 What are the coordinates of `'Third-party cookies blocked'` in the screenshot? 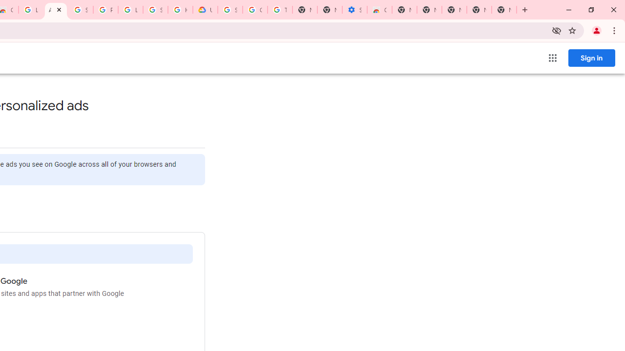 It's located at (556, 30).